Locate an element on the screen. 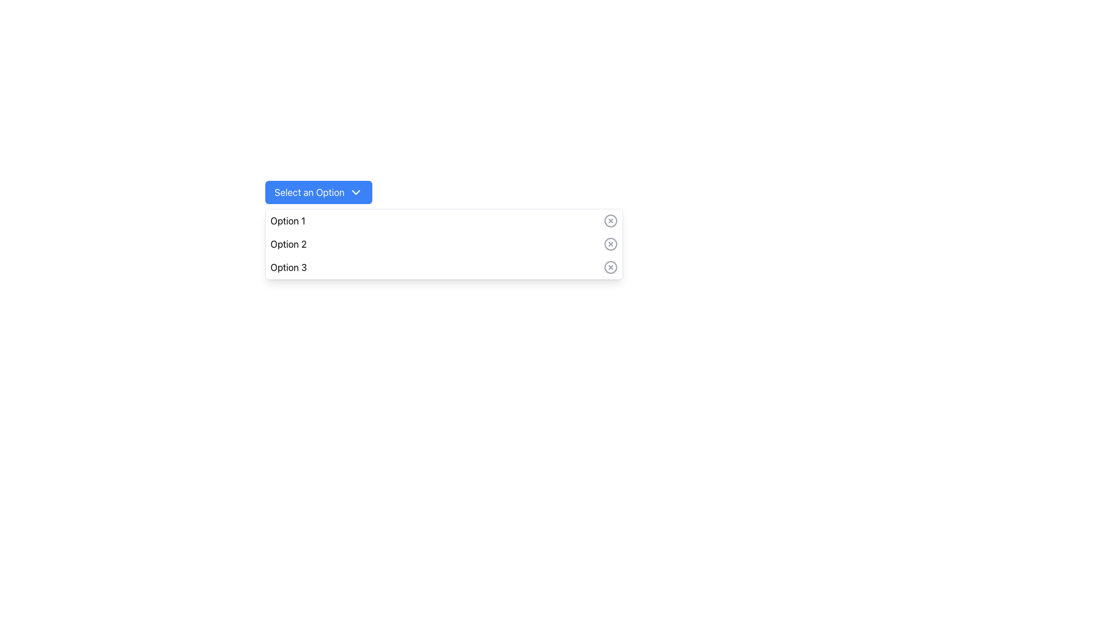  SVG Circle element that serves as a decorative or structural part of the 'X' icon for deleting dropdown options, located to the right of each option in the dropdown menu is located at coordinates (610, 244).